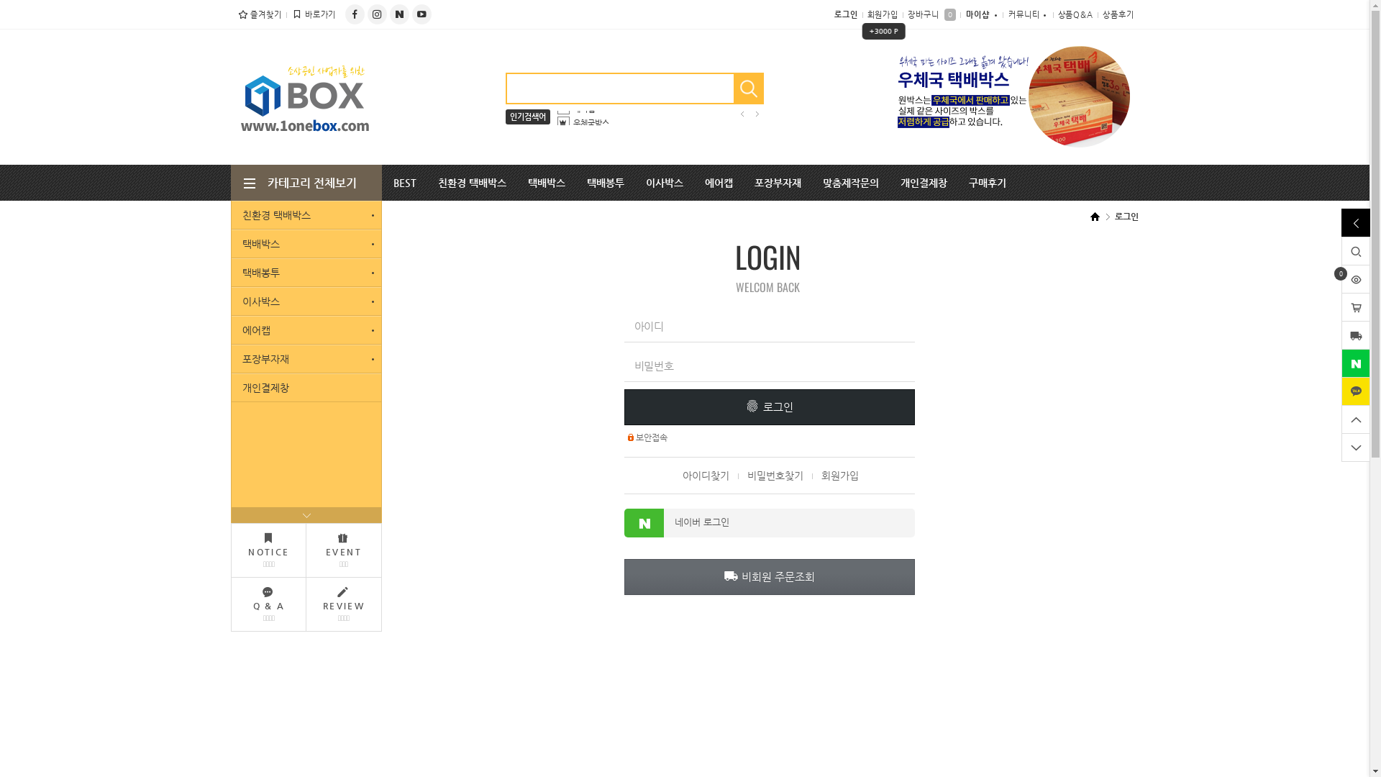  What do you see at coordinates (404, 182) in the screenshot?
I see `'BEST'` at bounding box center [404, 182].